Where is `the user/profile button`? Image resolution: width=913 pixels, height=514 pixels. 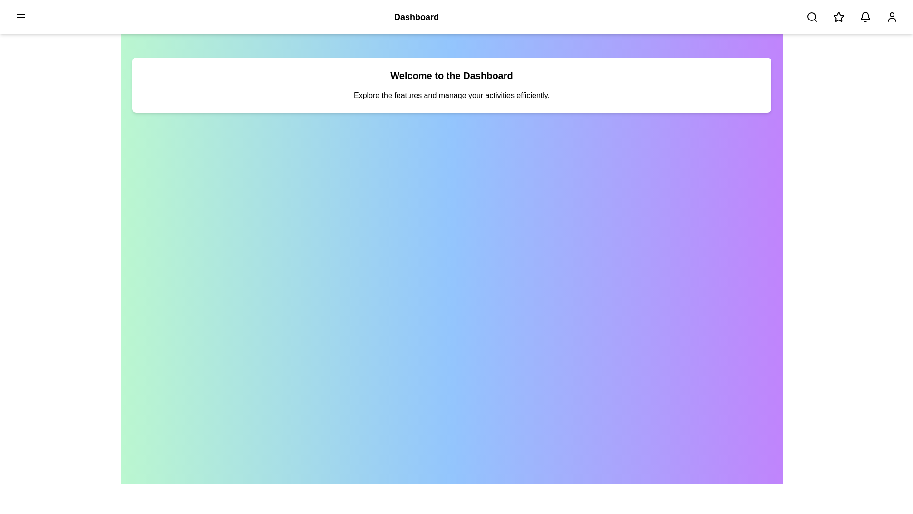
the user/profile button is located at coordinates (892, 17).